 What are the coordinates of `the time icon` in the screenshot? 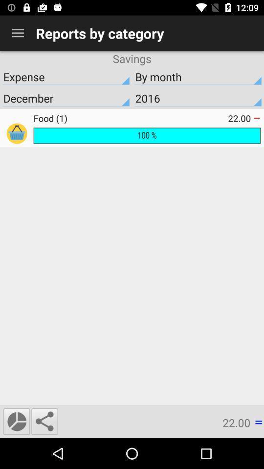 It's located at (16, 421).